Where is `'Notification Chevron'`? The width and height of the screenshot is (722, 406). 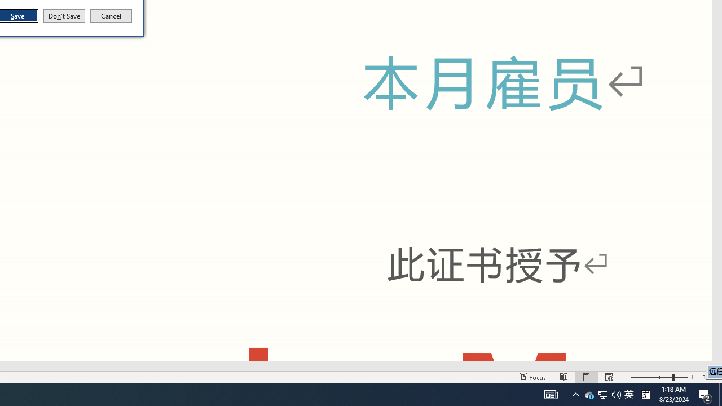 'Notification Chevron' is located at coordinates (575, 394).